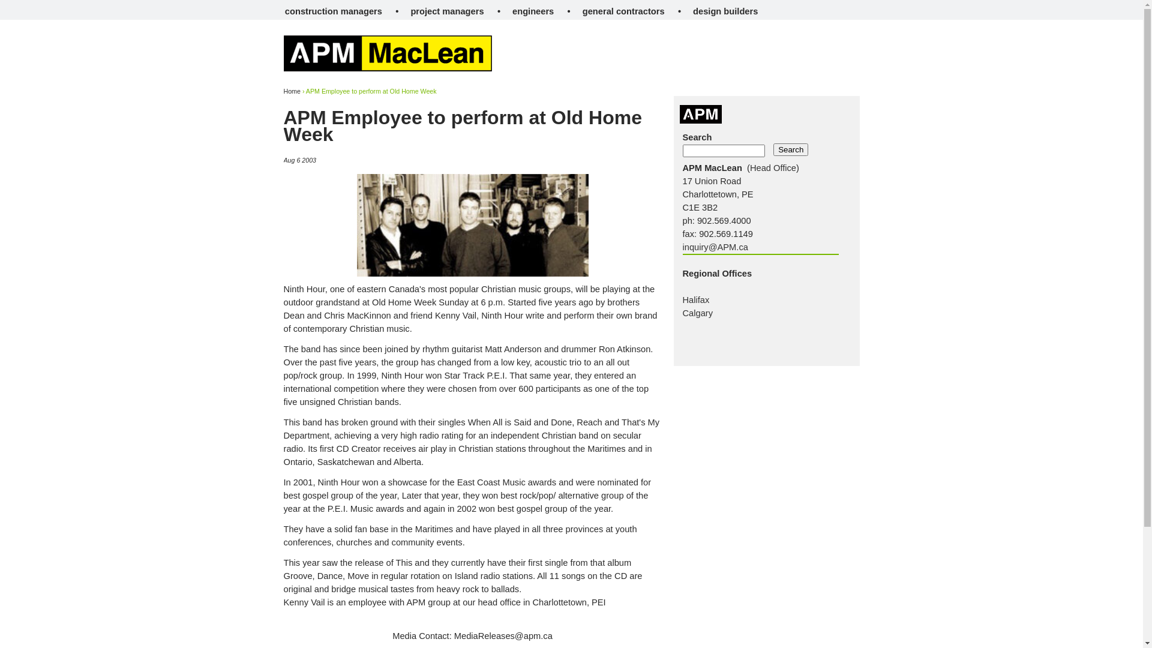  Describe the element at coordinates (334, 11) in the screenshot. I see `'construction managers'` at that location.